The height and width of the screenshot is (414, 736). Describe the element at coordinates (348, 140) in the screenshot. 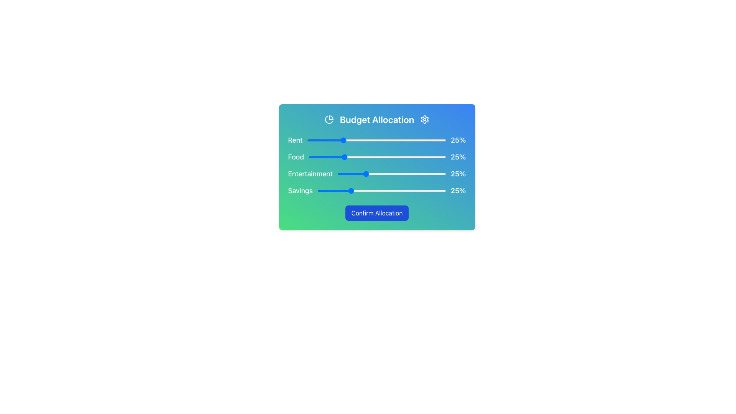

I see `the 'Rent' allocation slider` at that location.